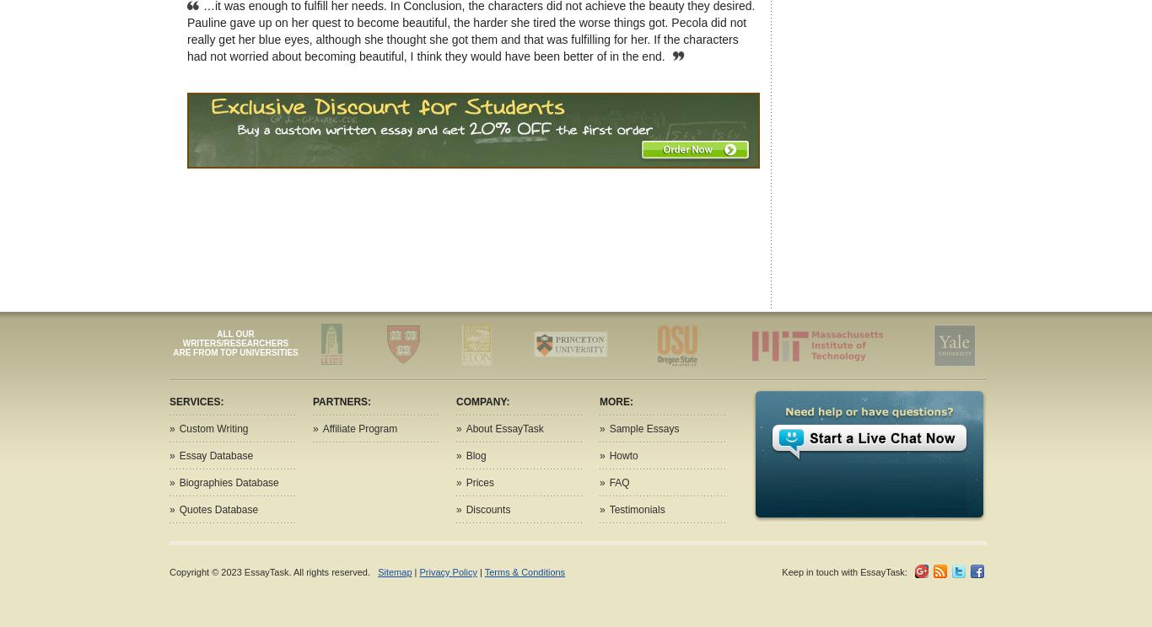 The width and height of the screenshot is (1152, 627). I want to click on 'About EssayTask', so click(503, 428).